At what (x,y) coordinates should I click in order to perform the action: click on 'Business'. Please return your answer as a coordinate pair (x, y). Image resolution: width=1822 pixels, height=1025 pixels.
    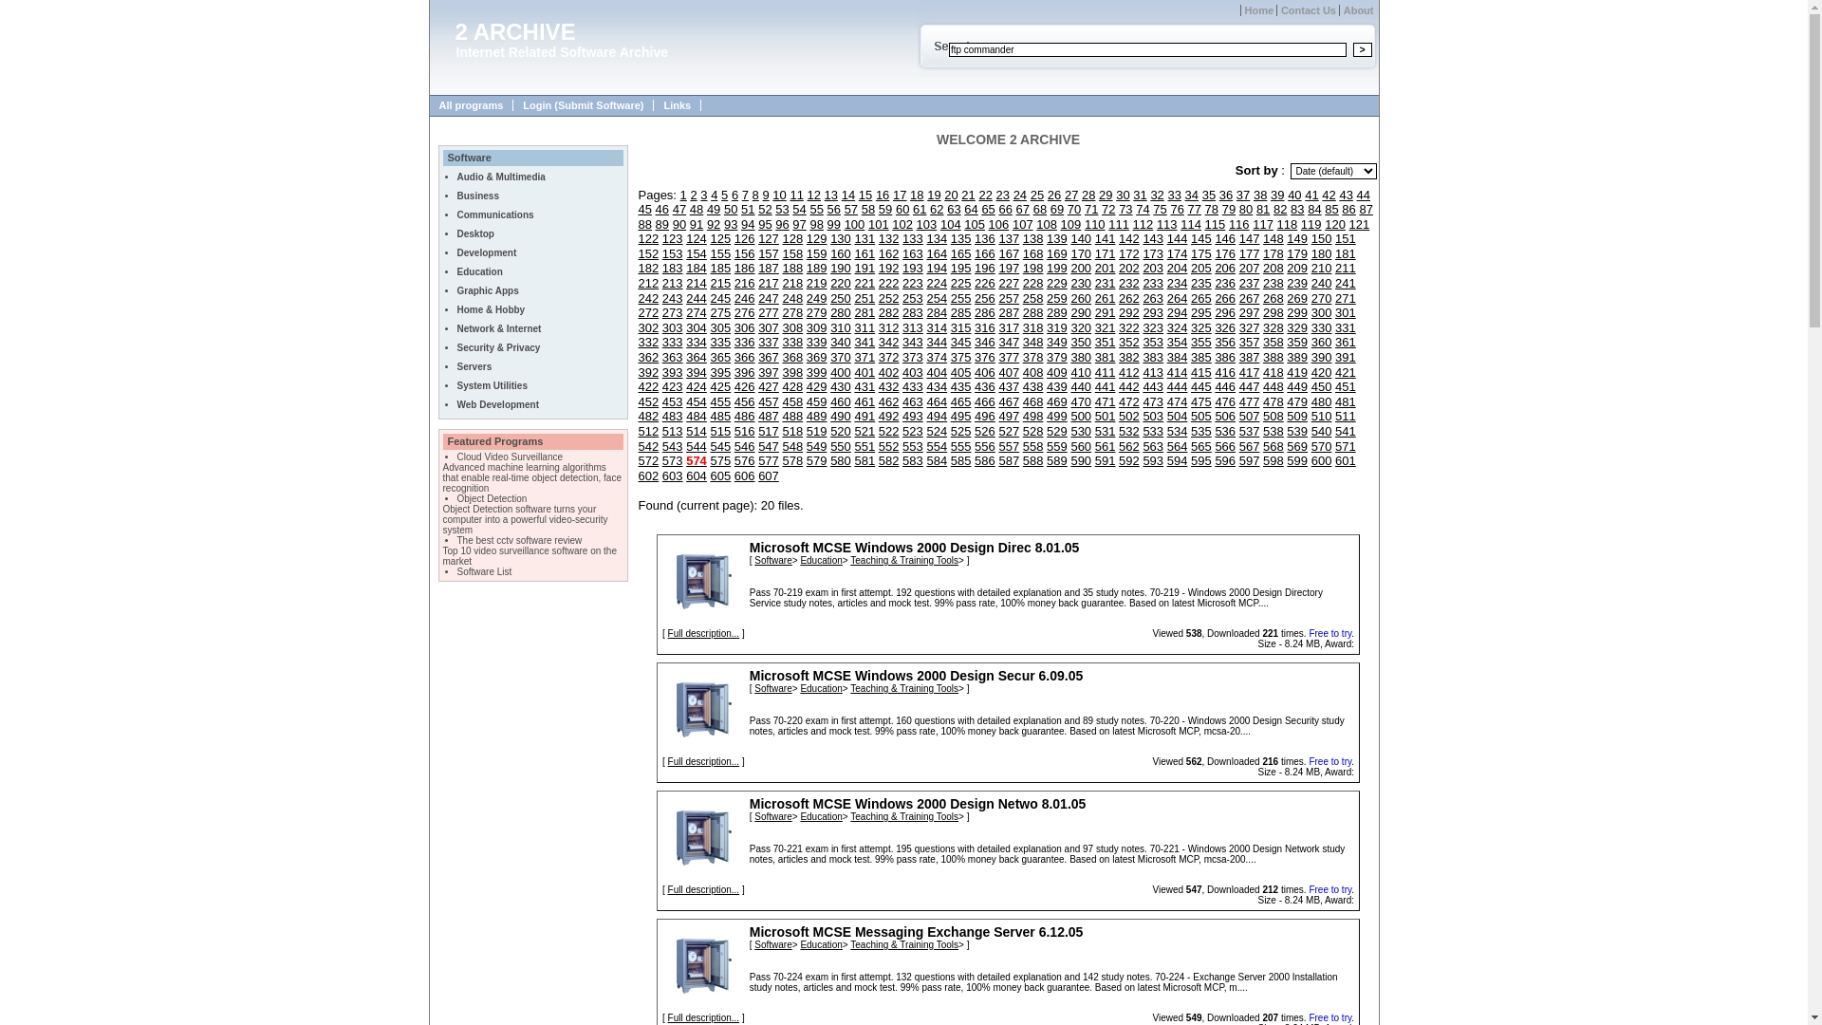
    Looking at the image, I should click on (478, 196).